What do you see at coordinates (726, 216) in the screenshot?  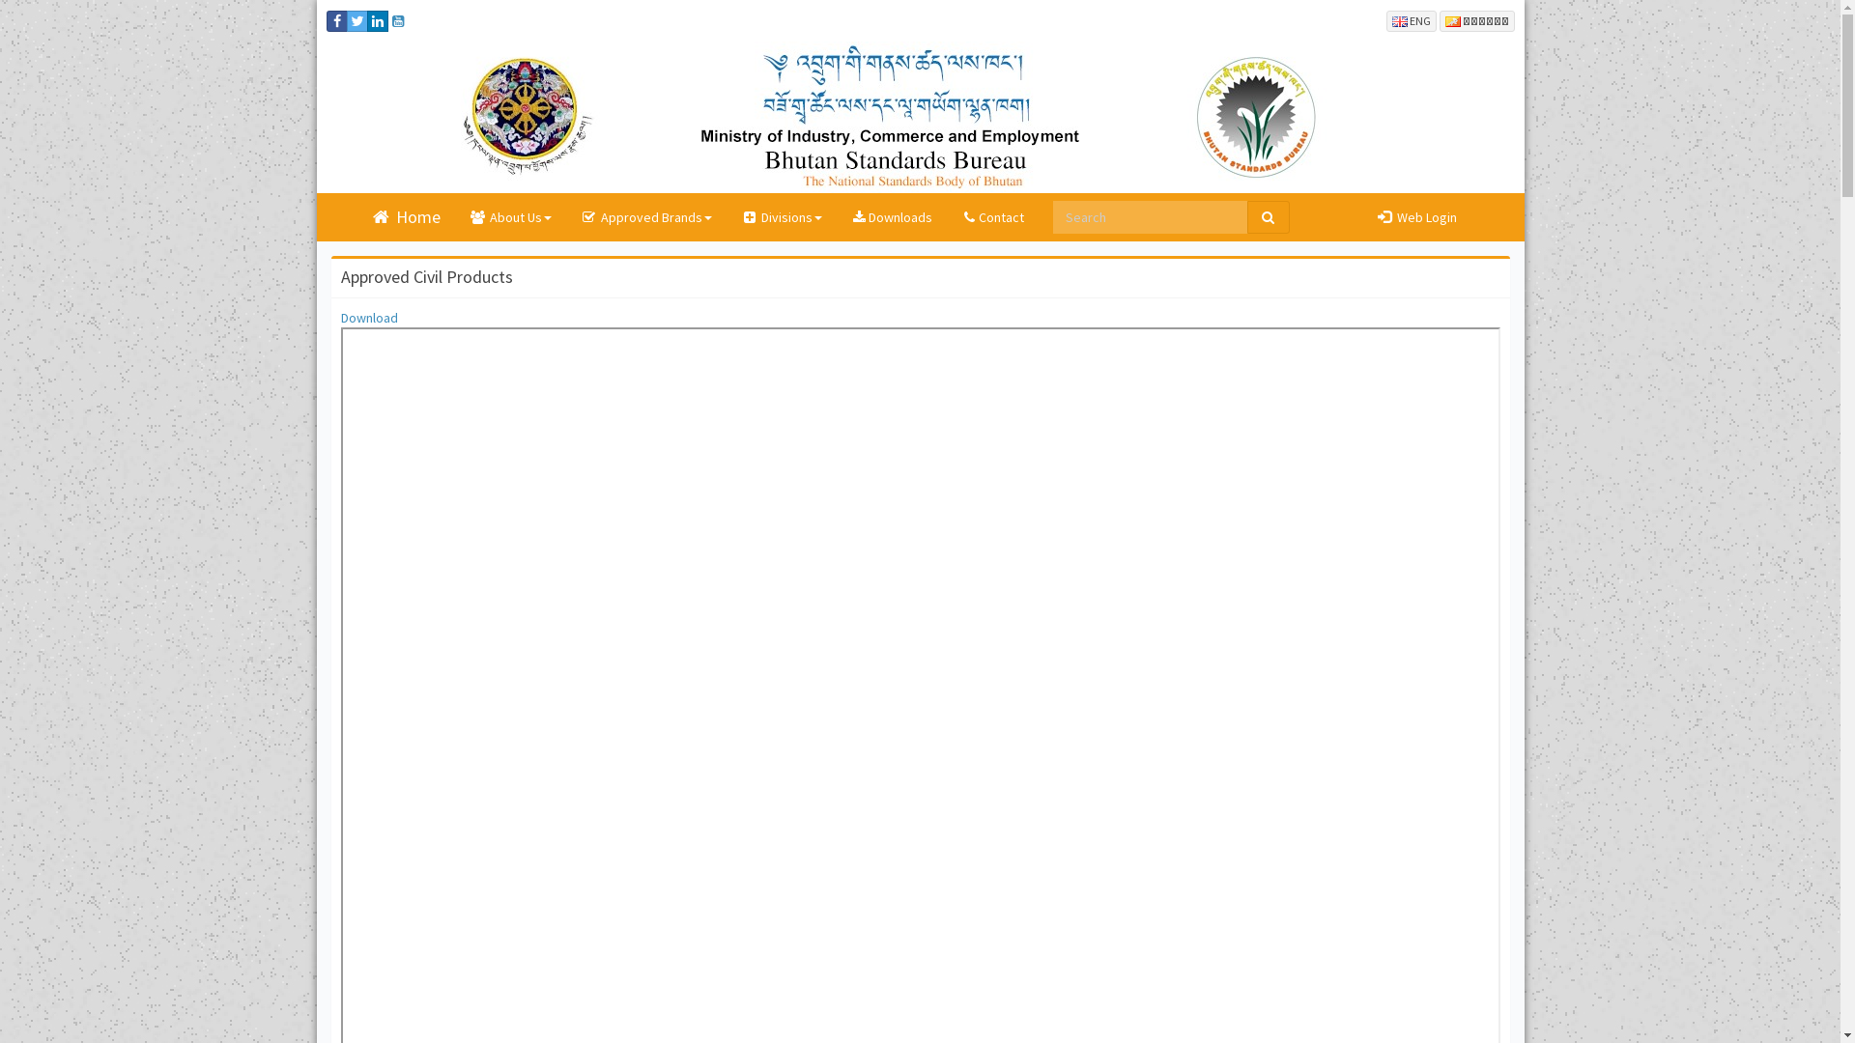 I see `'Divisions'` at bounding box center [726, 216].